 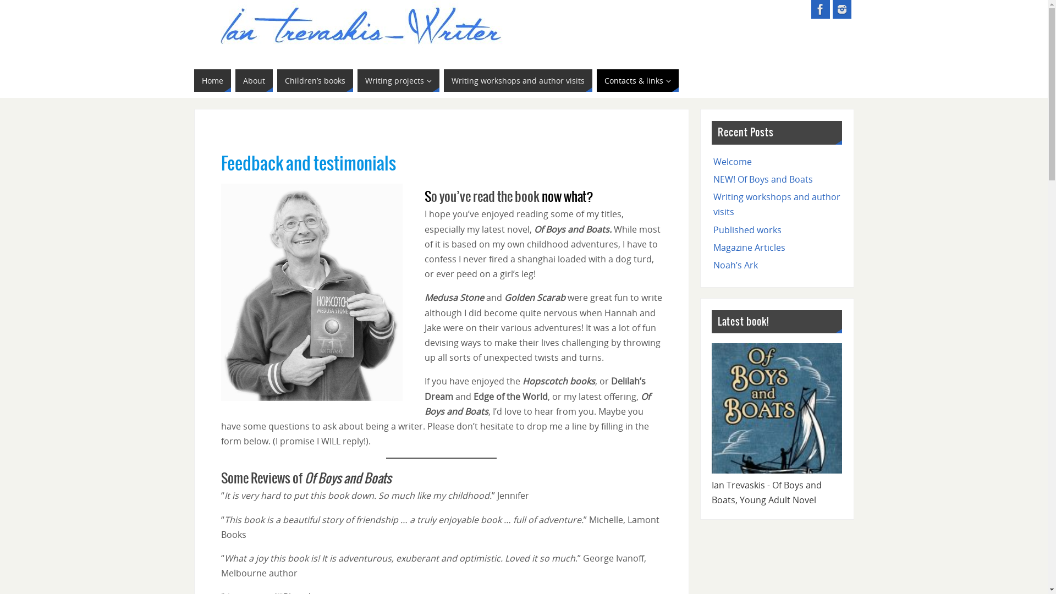 I want to click on 'NEW! Of Boys and Boats', so click(x=762, y=179).